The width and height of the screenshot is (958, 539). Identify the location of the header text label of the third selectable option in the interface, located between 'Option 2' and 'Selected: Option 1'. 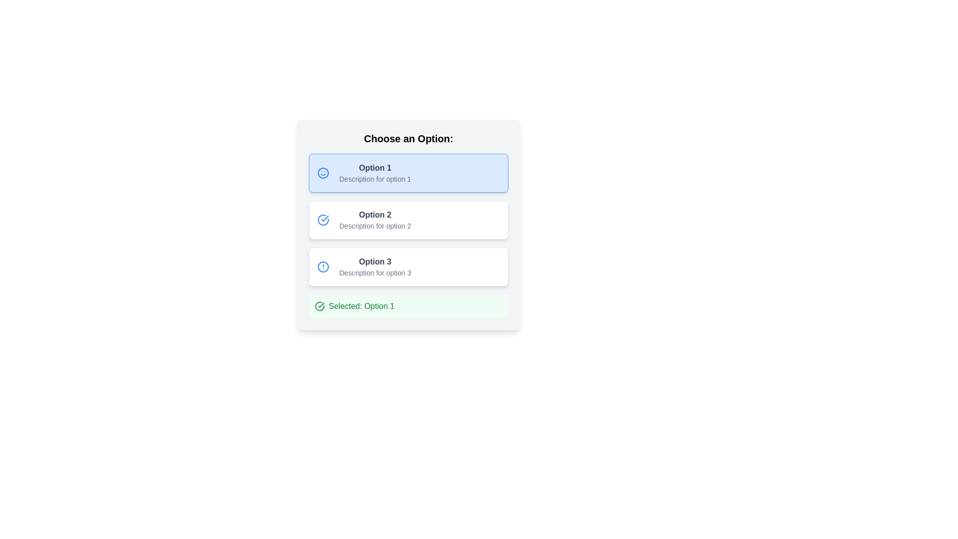
(375, 261).